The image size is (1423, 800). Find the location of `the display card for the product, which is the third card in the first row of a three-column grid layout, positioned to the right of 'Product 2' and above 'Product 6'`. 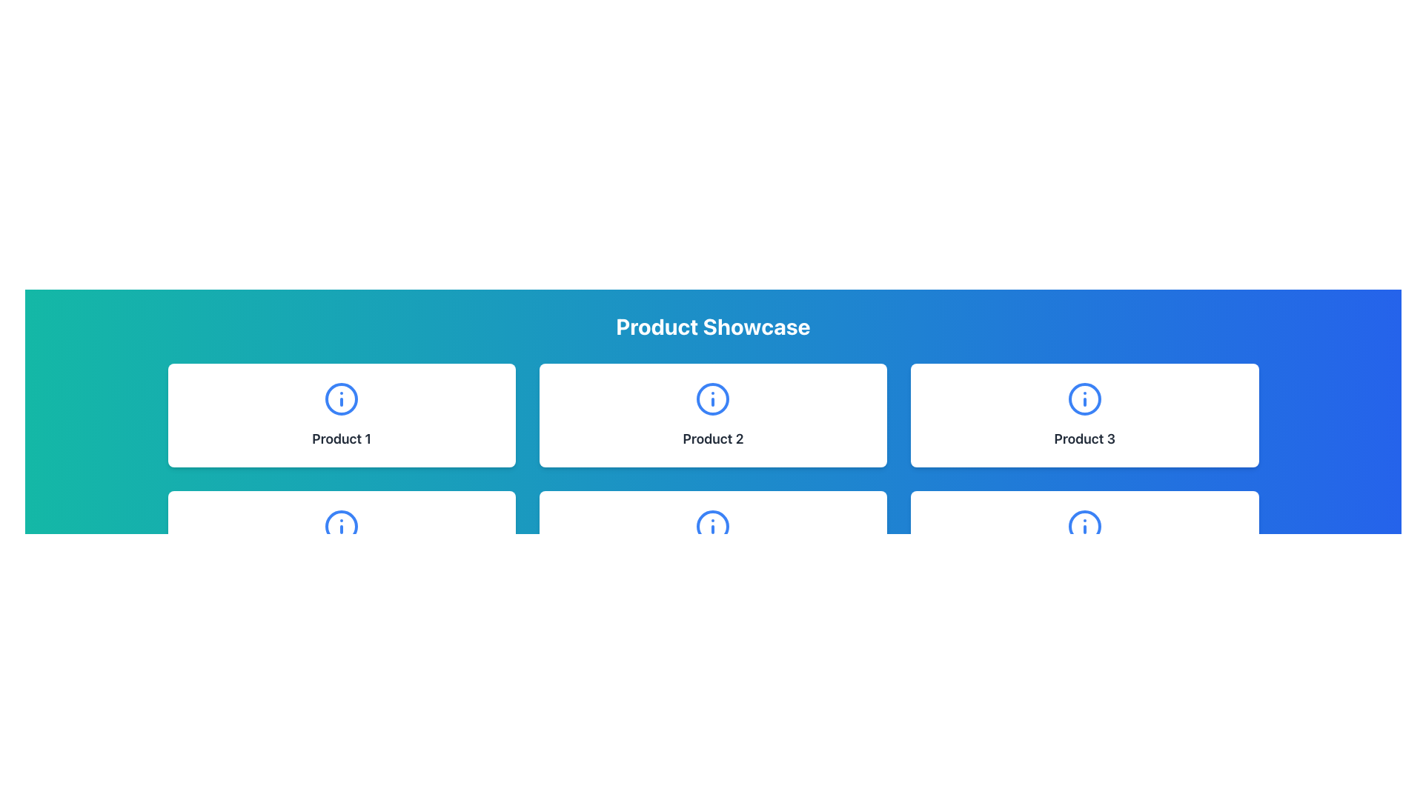

the display card for the product, which is the third card in the first row of a three-column grid layout, positioned to the right of 'Product 2' and above 'Product 6' is located at coordinates (1084, 415).